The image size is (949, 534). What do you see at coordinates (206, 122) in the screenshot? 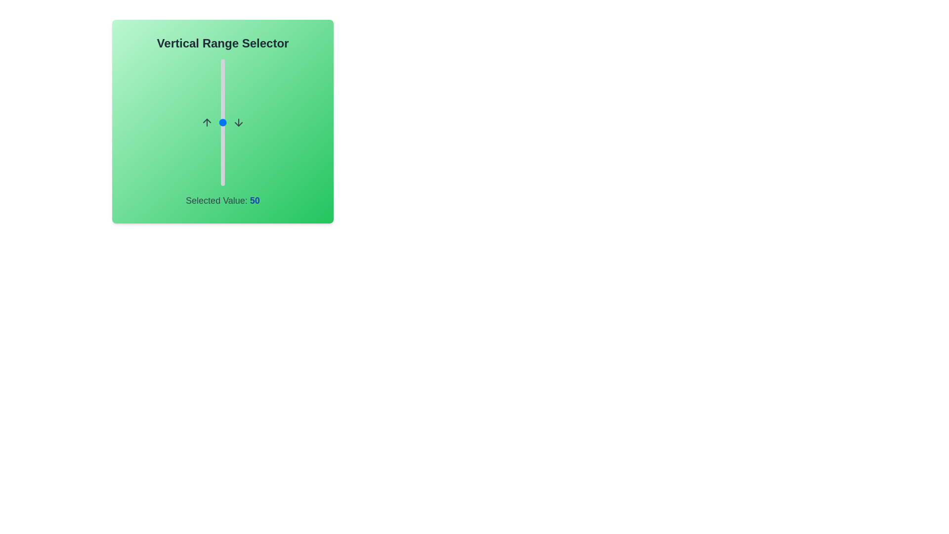
I see `the up arrow icon to adjust the range value` at bounding box center [206, 122].